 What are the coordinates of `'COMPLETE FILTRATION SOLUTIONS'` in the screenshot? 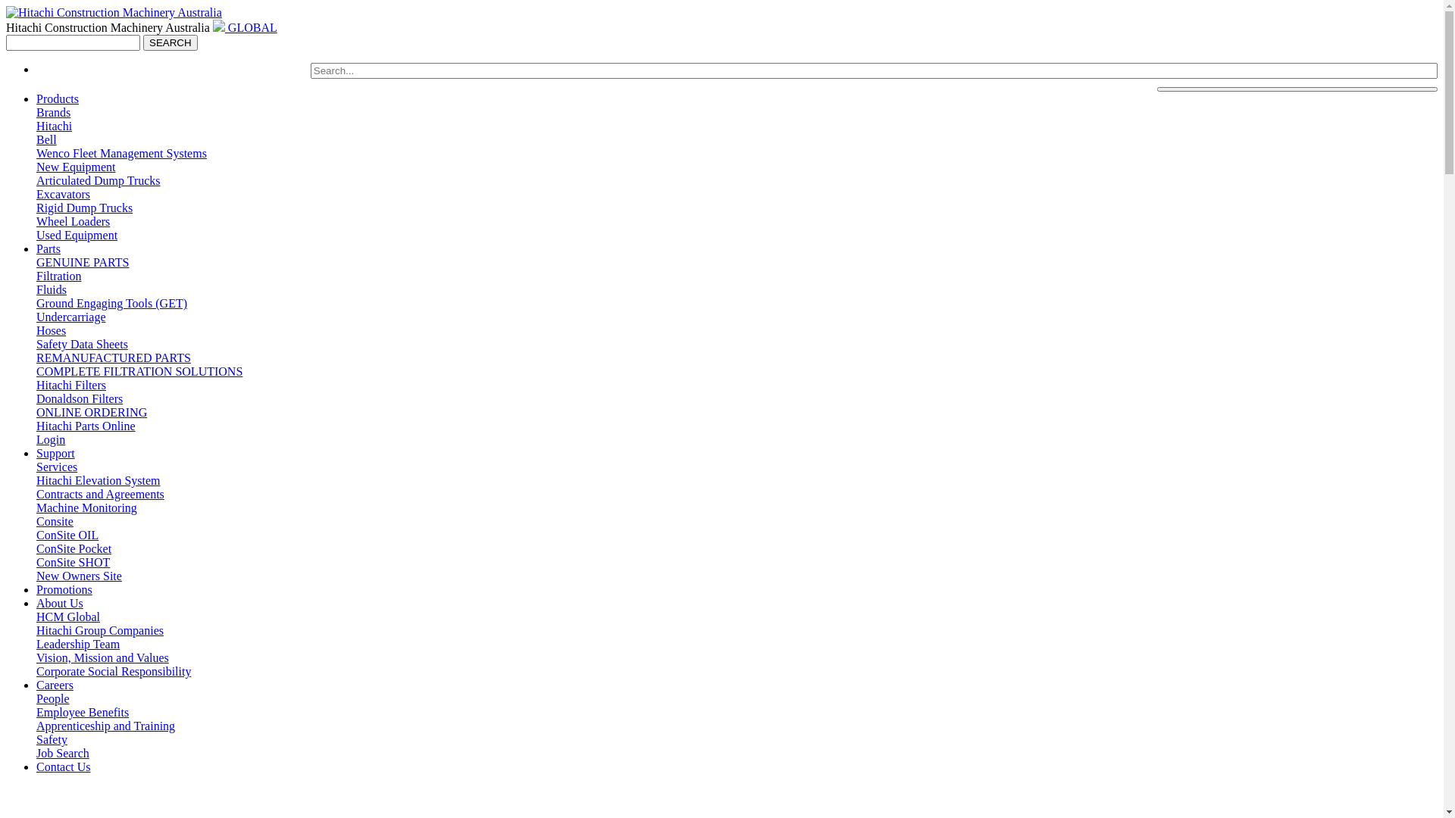 It's located at (139, 371).